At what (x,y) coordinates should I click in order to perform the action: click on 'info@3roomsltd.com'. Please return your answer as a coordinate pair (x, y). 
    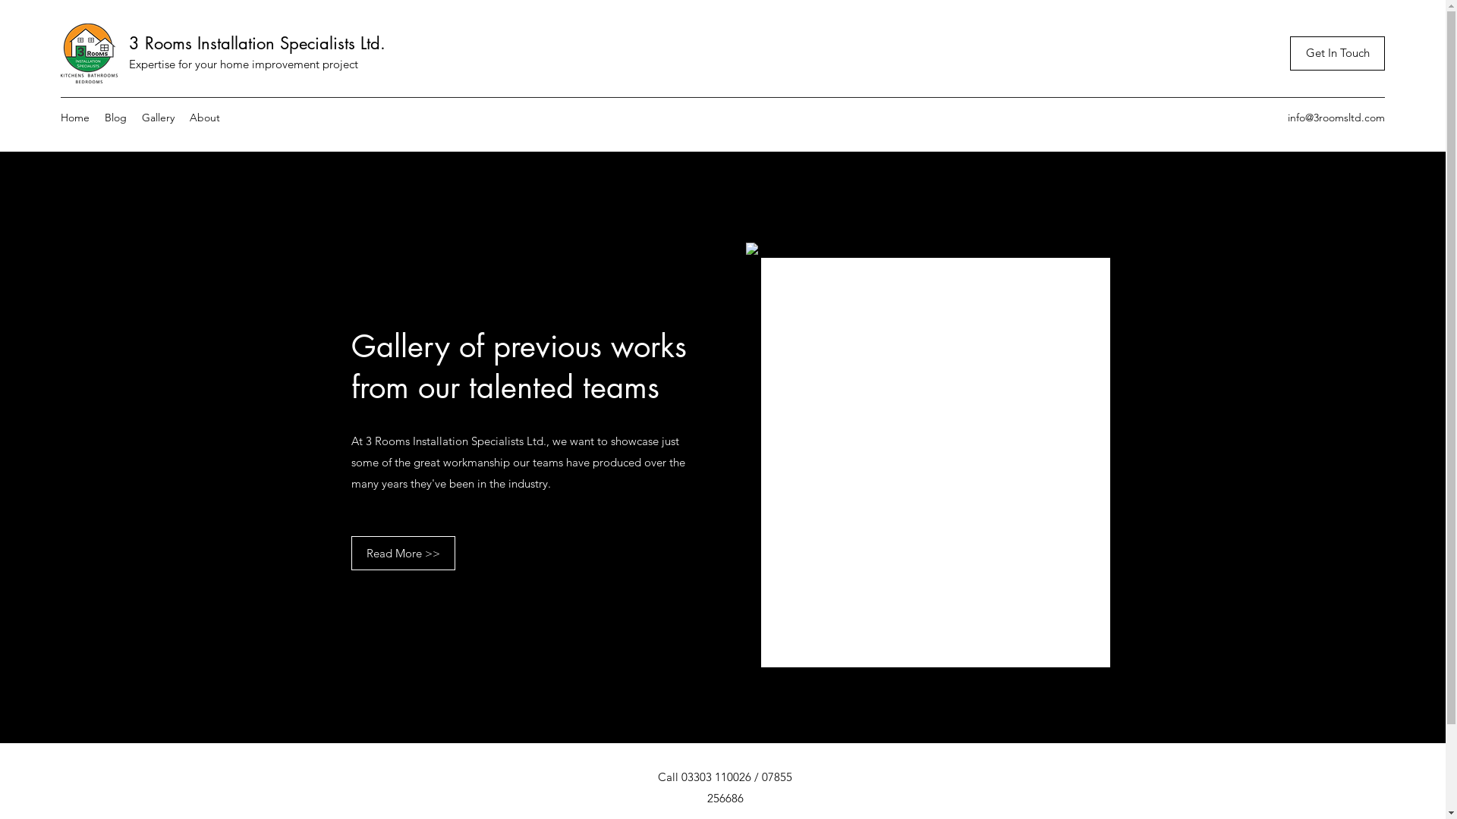
    Looking at the image, I should click on (1336, 116).